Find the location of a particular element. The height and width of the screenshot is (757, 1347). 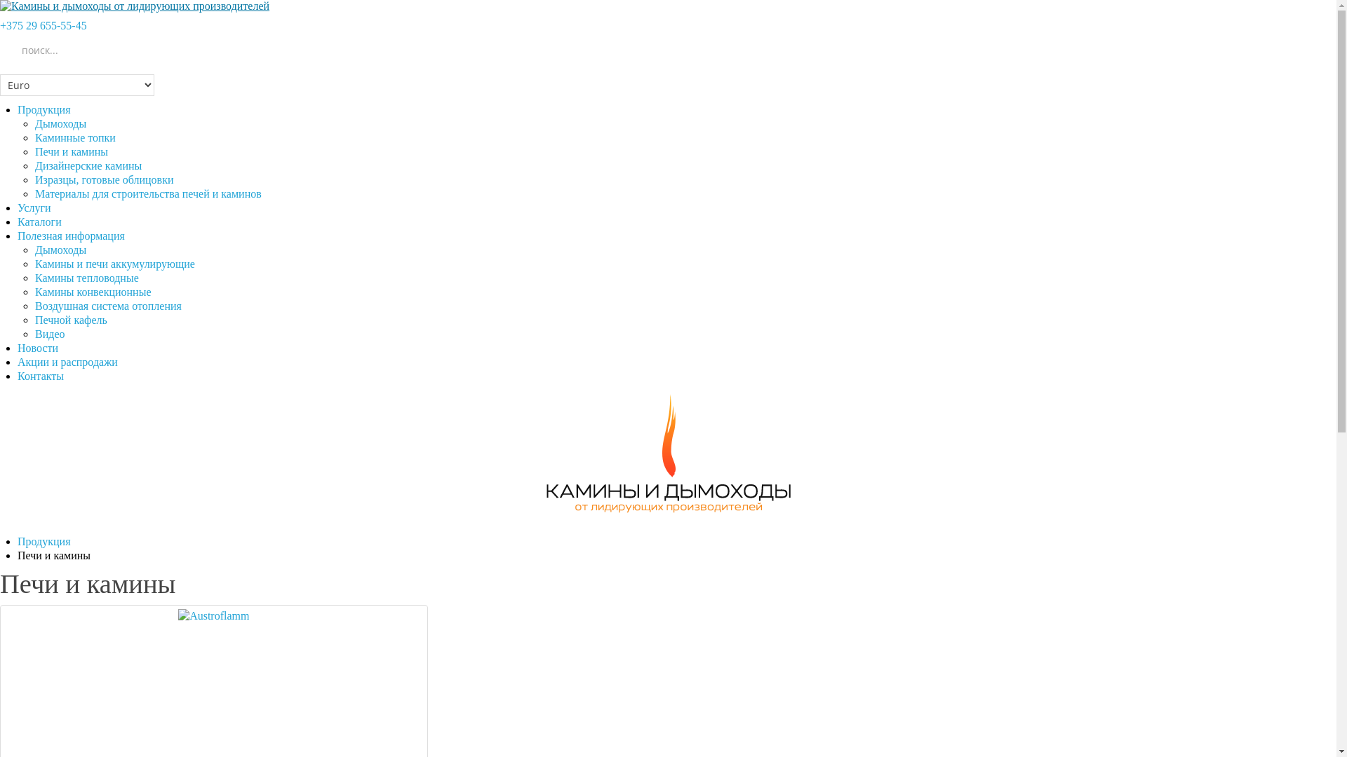

'Austroflamm' is located at coordinates (213, 615).